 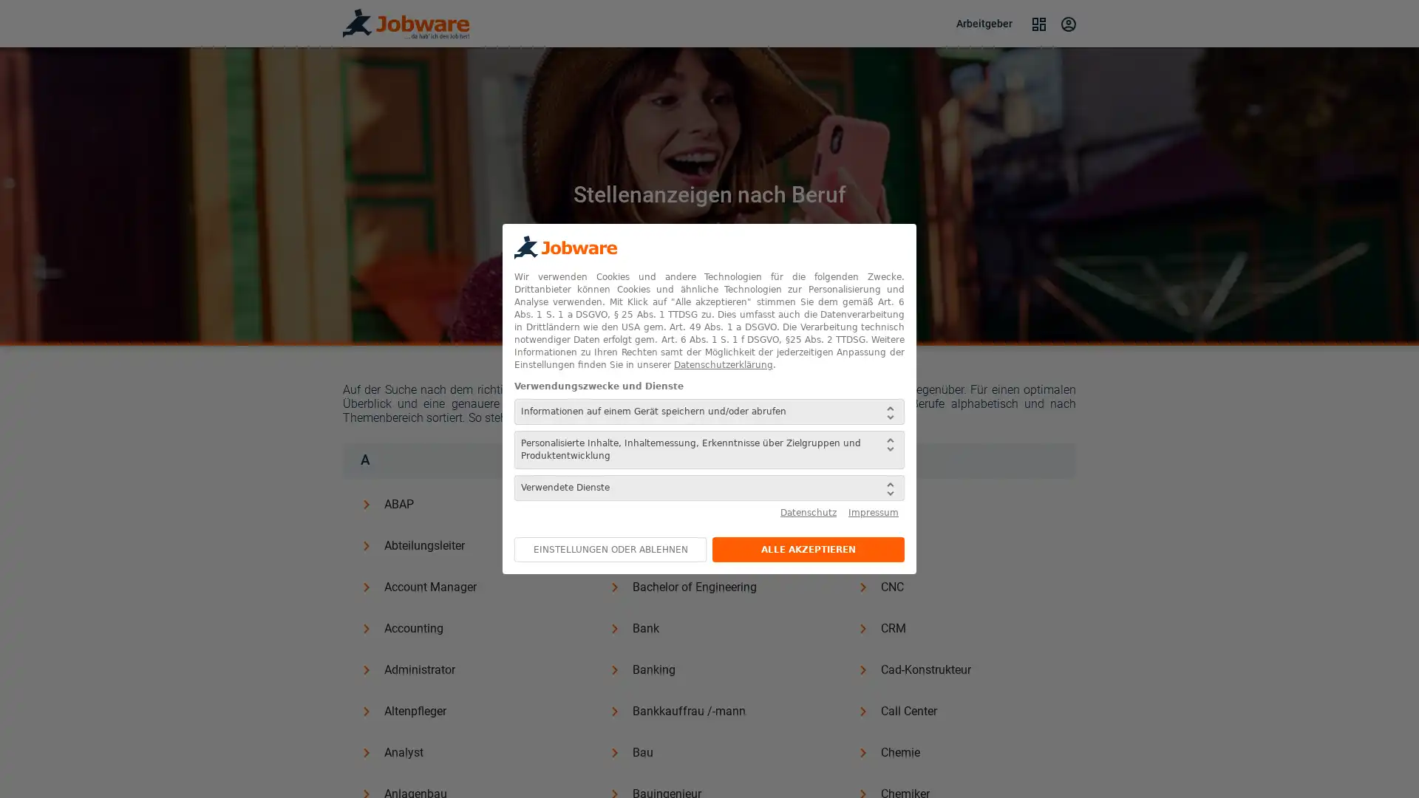 What do you see at coordinates (808, 550) in the screenshot?
I see `ALLE AKZEPTIEREN` at bounding box center [808, 550].